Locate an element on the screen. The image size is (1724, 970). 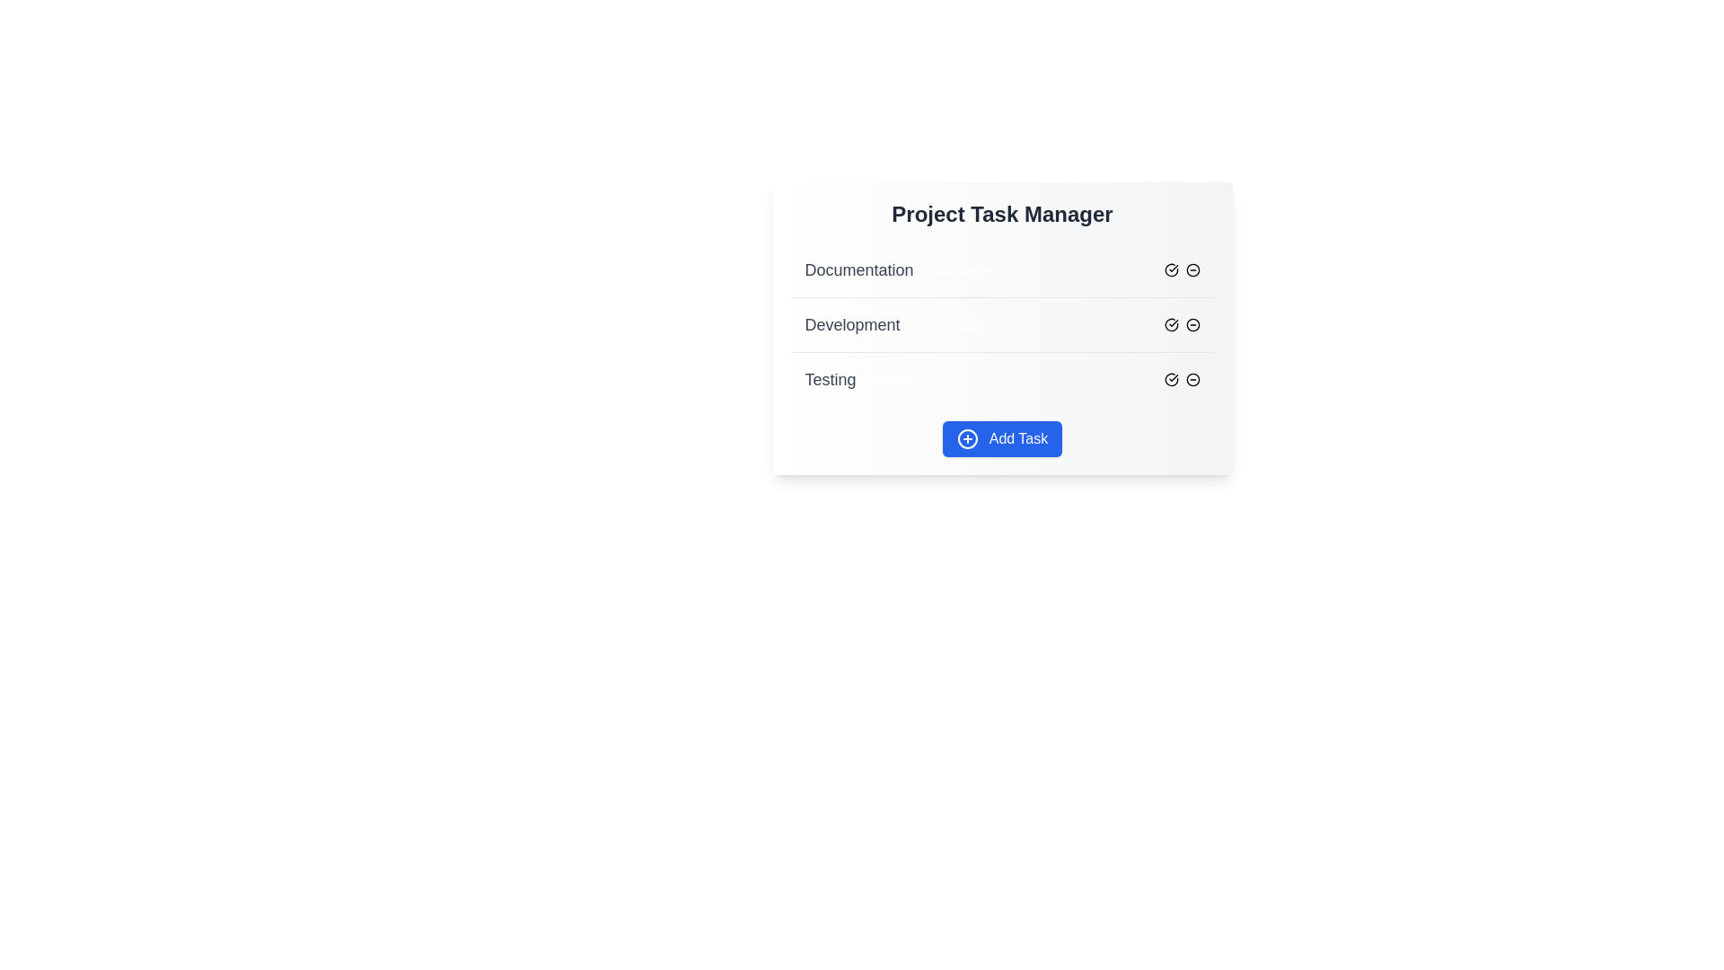
the Icon Button with a checkmark indicating completion, located to the right of the 'Documentation' task title is located at coordinates (1171, 269).